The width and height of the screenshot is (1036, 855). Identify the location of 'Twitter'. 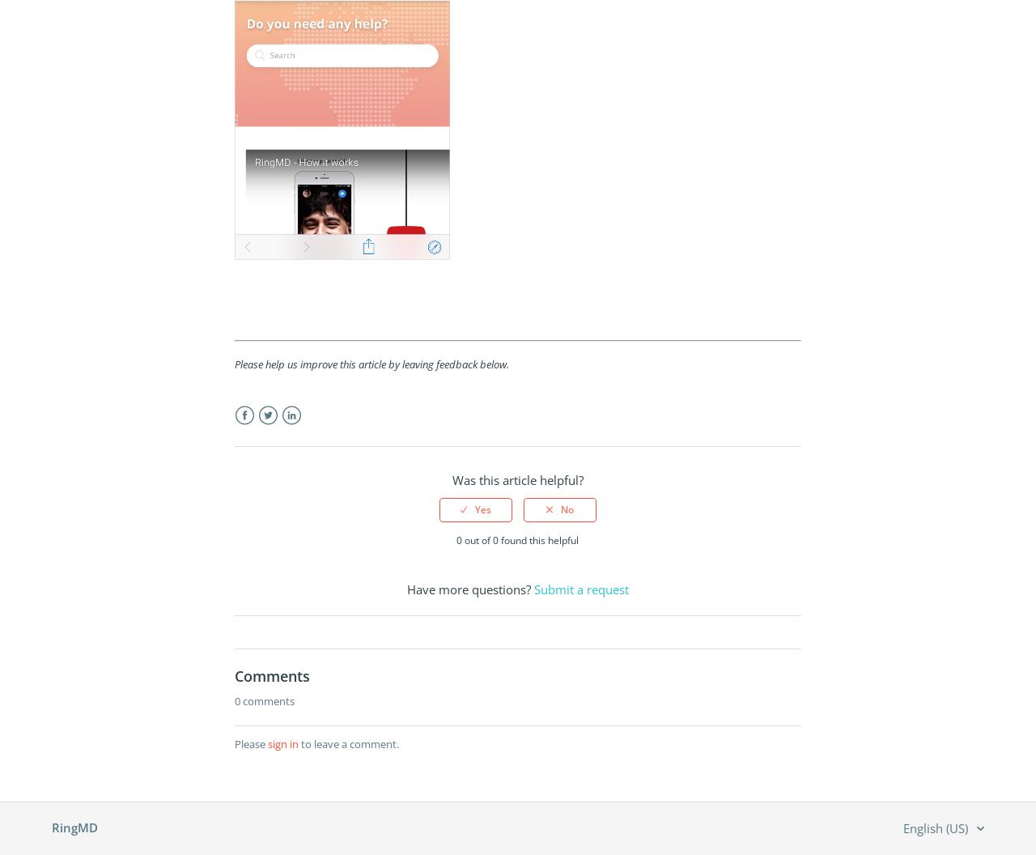
(277, 432).